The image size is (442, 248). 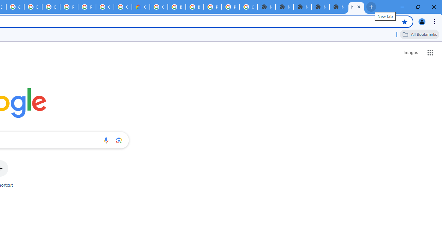 I want to click on 'Search for Images ', so click(x=411, y=52).